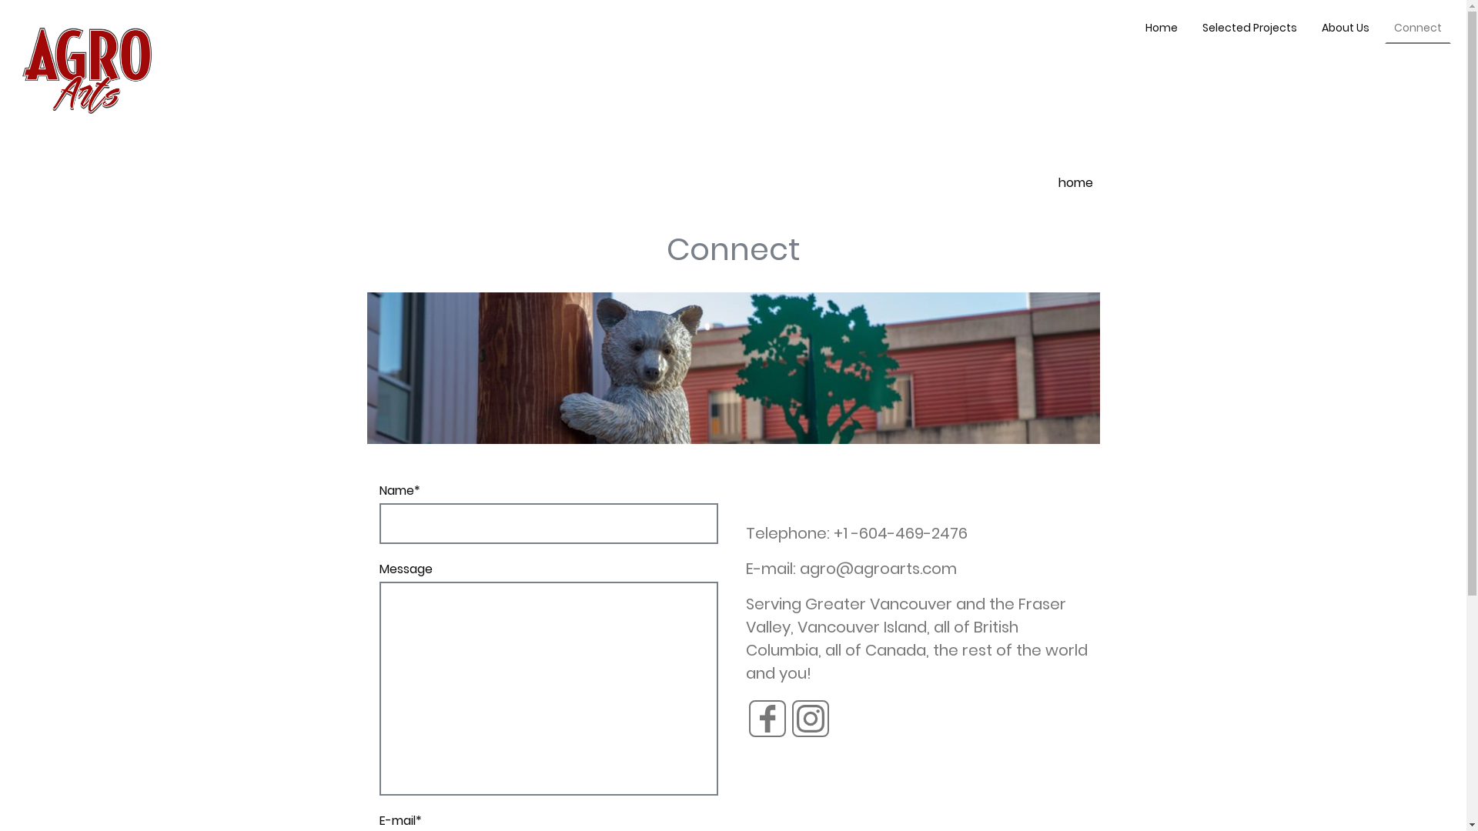 This screenshot has width=1478, height=831. What do you see at coordinates (1193, 28) in the screenshot?
I see `'Selected Projects'` at bounding box center [1193, 28].